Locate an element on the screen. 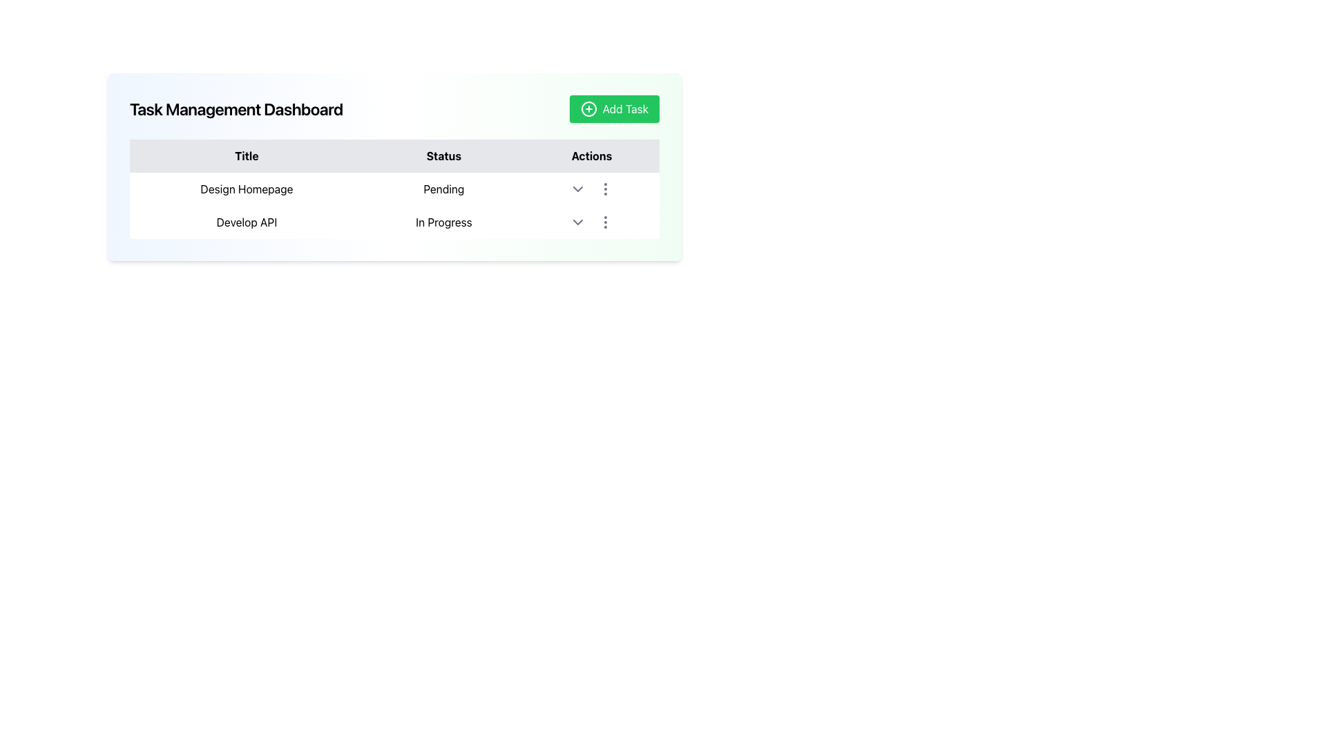  the green circular graphical icon with a white plus sign centered inside it, located to the left of the 'Add Task' button in the task management dashboard is located at coordinates (588, 108).